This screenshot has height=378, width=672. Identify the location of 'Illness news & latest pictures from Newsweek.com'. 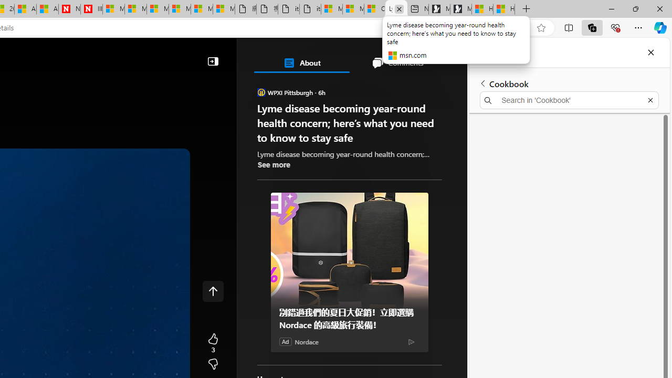
(91, 9).